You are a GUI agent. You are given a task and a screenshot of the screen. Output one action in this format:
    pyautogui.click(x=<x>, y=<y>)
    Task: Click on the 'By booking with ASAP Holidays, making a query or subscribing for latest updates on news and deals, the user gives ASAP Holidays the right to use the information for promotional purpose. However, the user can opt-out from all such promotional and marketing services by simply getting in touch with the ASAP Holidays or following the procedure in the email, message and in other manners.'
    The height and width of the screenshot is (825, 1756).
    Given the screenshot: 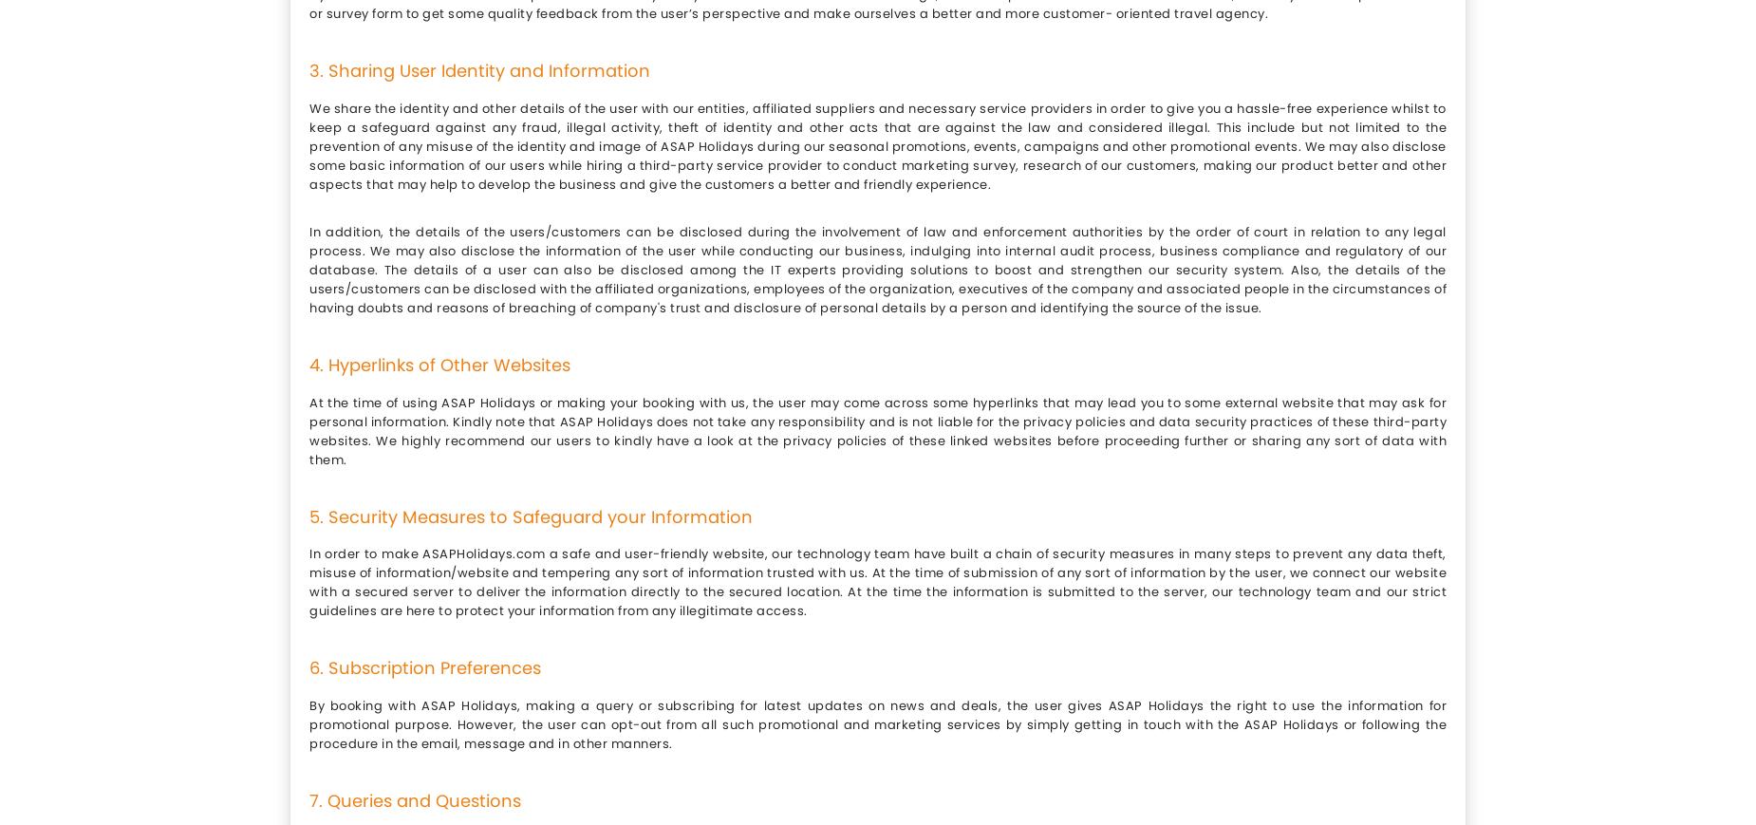 What is the action you would take?
    pyautogui.click(x=878, y=724)
    